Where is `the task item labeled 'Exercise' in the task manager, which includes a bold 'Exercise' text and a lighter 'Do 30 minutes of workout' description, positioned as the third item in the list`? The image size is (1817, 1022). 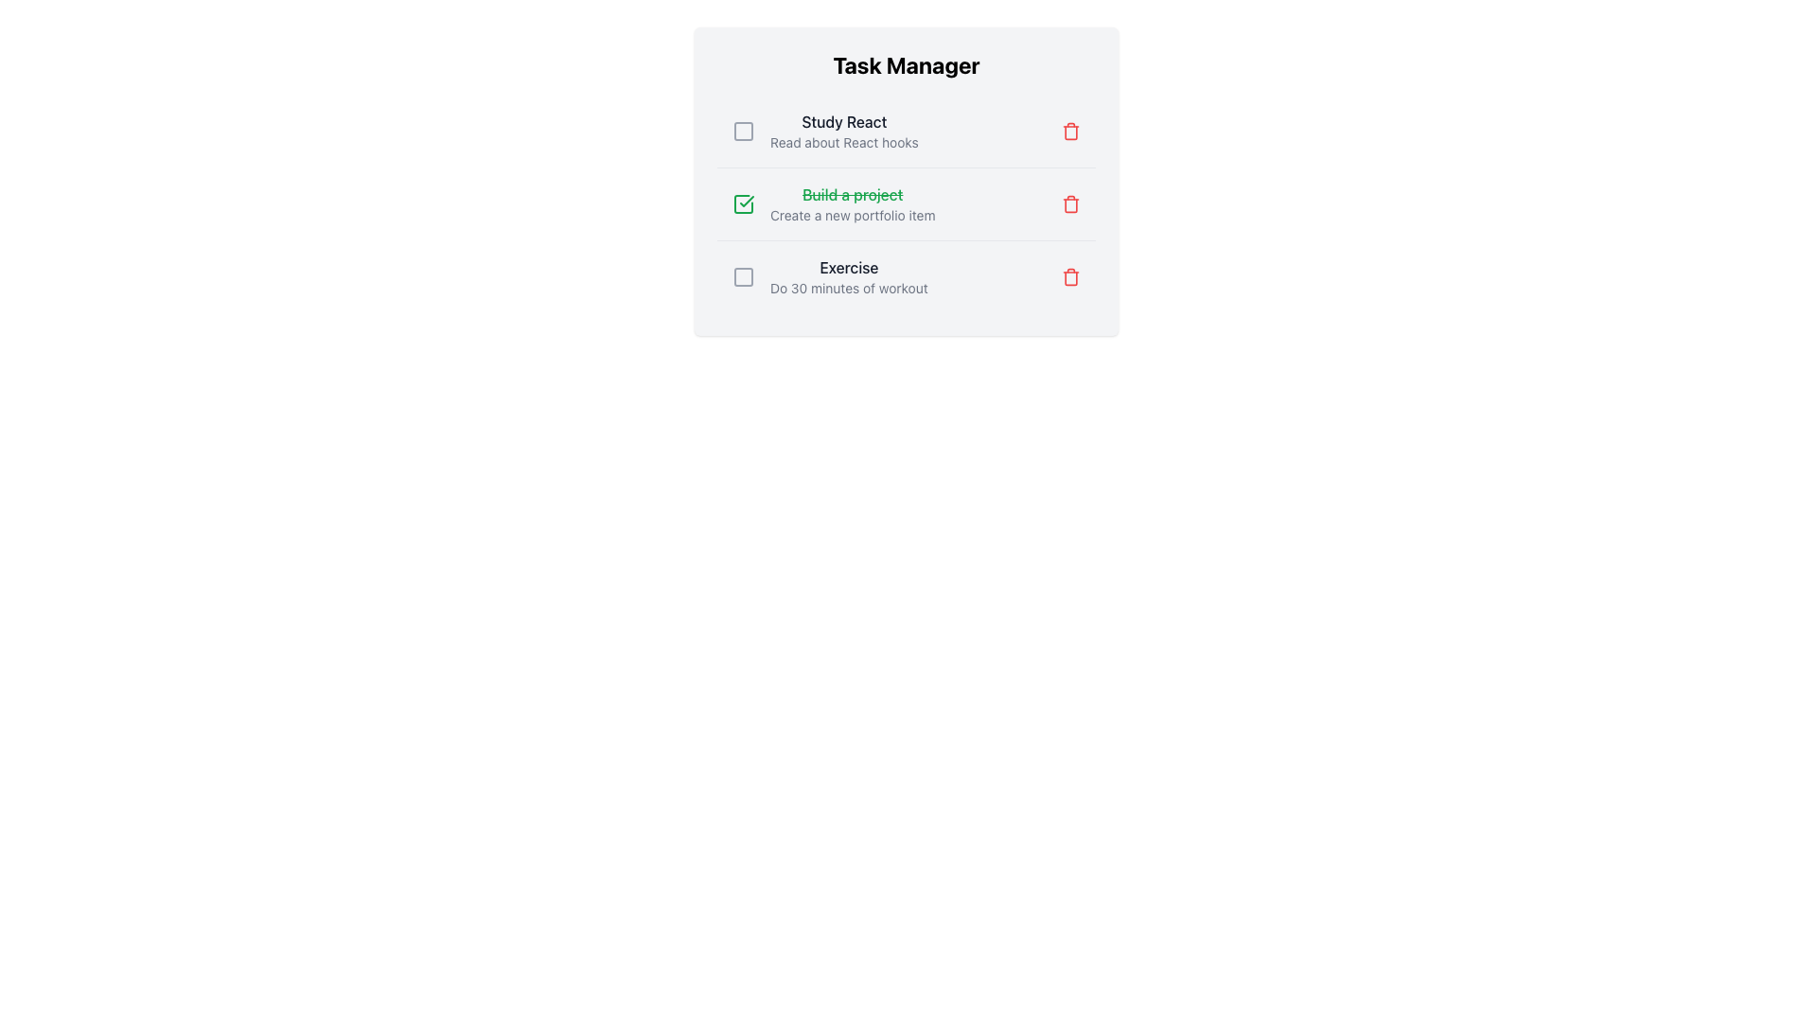 the task item labeled 'Exercise' in the task manager, which includes a bold 'Exercise' text and a lighter 'Do 30 minutes of workout' description, positioned as the third item in the list is located at coordinates (830, 277).